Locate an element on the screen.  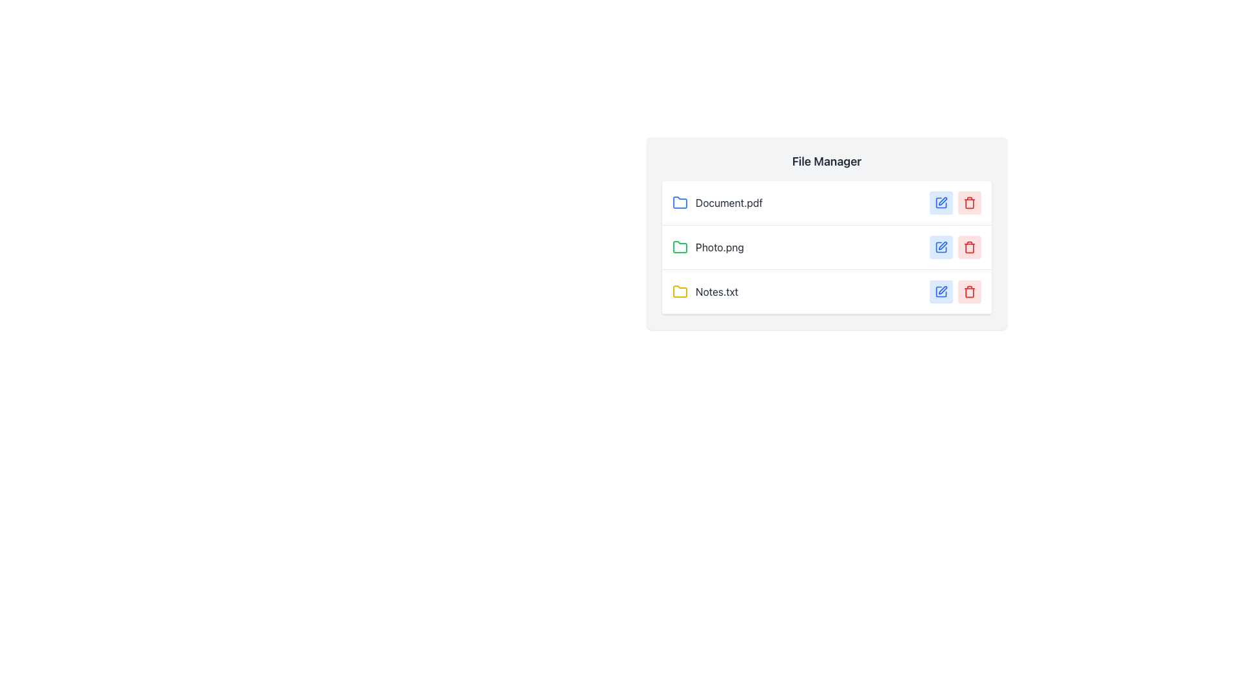
the static text label displaying 'Document.pdf' in gray font, positioned next to a folder icon in a file manager interface is located at coordinates (729, 203).